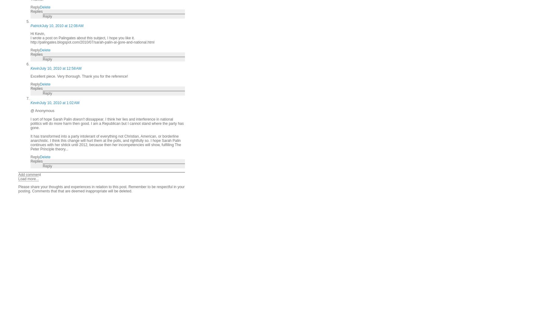  I want to click on 'Excellent piece.  Very thorough.  Thank you for the reference!', so click(79, 76).